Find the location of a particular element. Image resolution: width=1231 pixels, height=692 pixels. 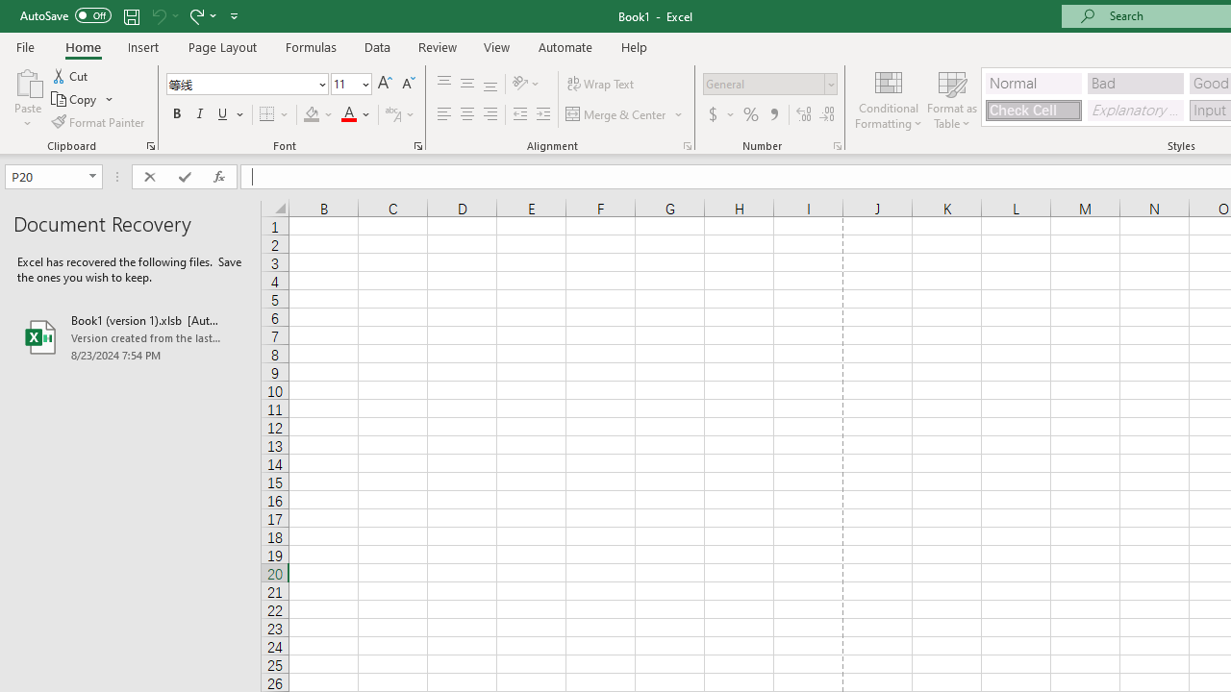

'Show Phonetic Field' is located at coordinates (391, 114).